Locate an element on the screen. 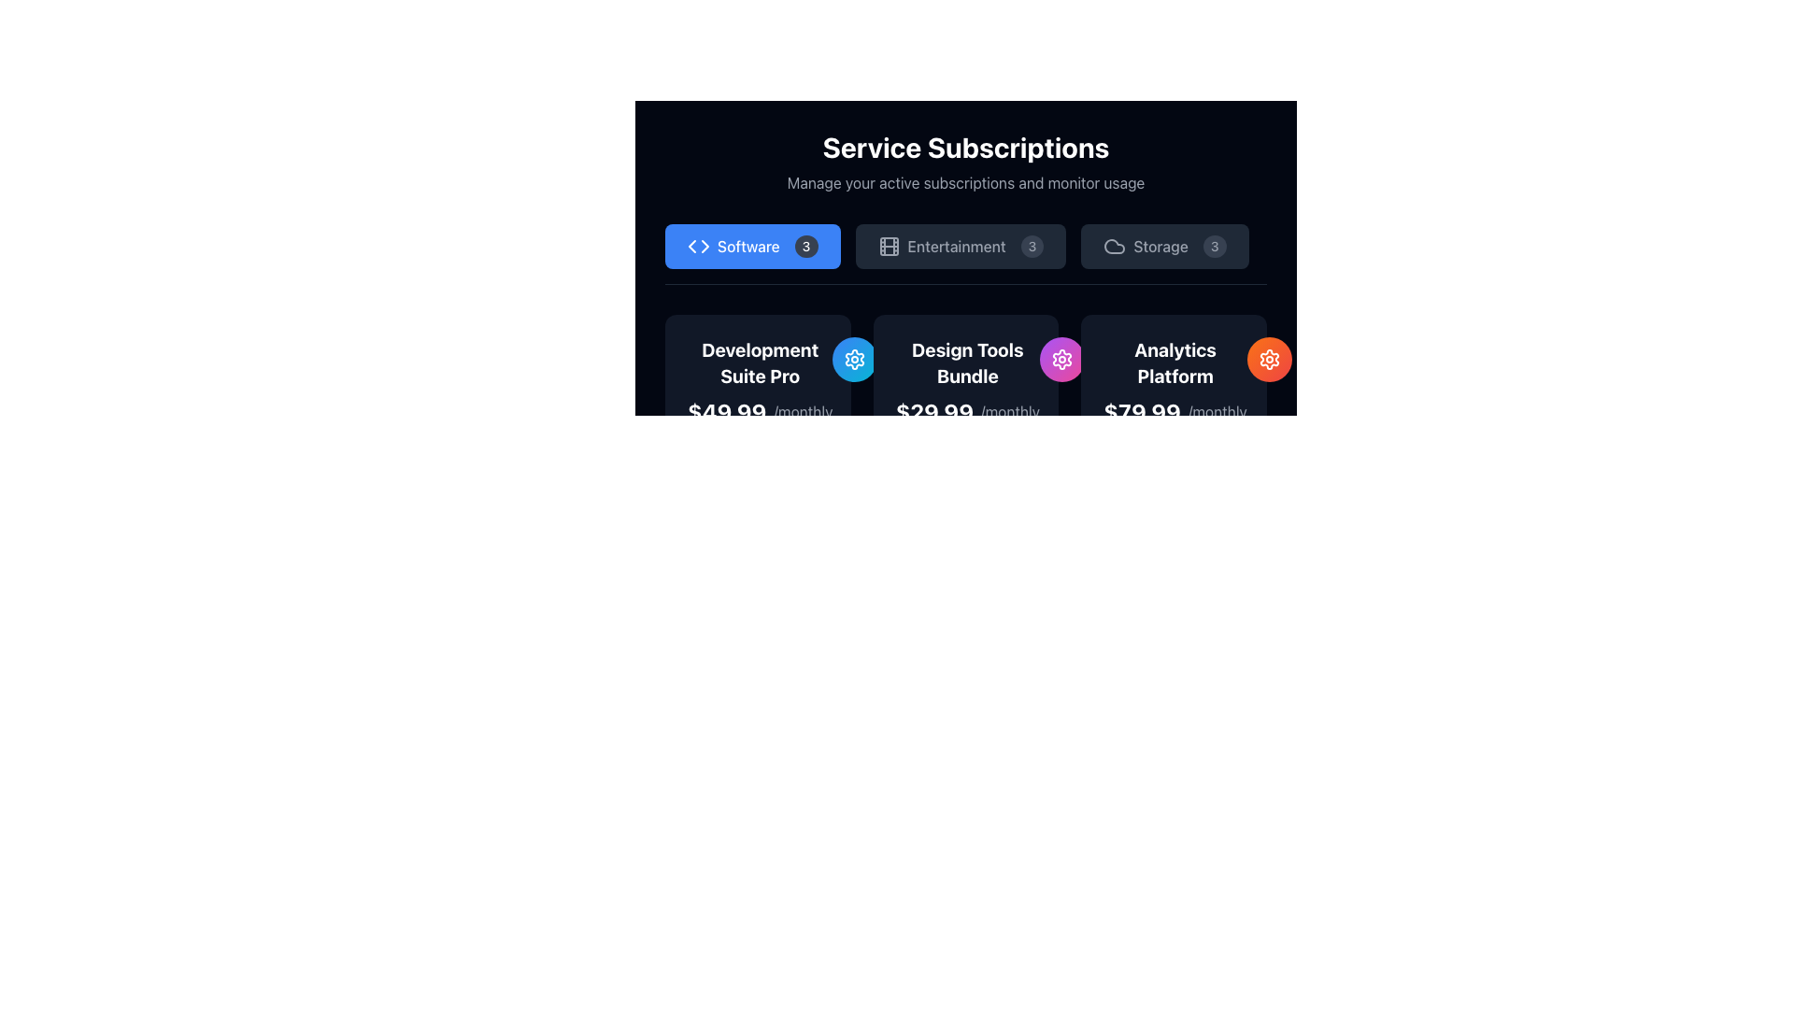  the 'Software' label within the button that has a blue background and rounded edges is located at coordinates (748, 245).